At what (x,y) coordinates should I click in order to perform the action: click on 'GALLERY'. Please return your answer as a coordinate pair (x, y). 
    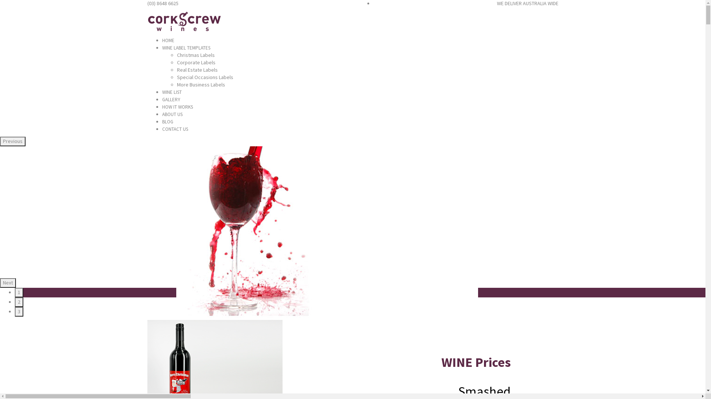
    Looking at the image, I should click on (171, 99).